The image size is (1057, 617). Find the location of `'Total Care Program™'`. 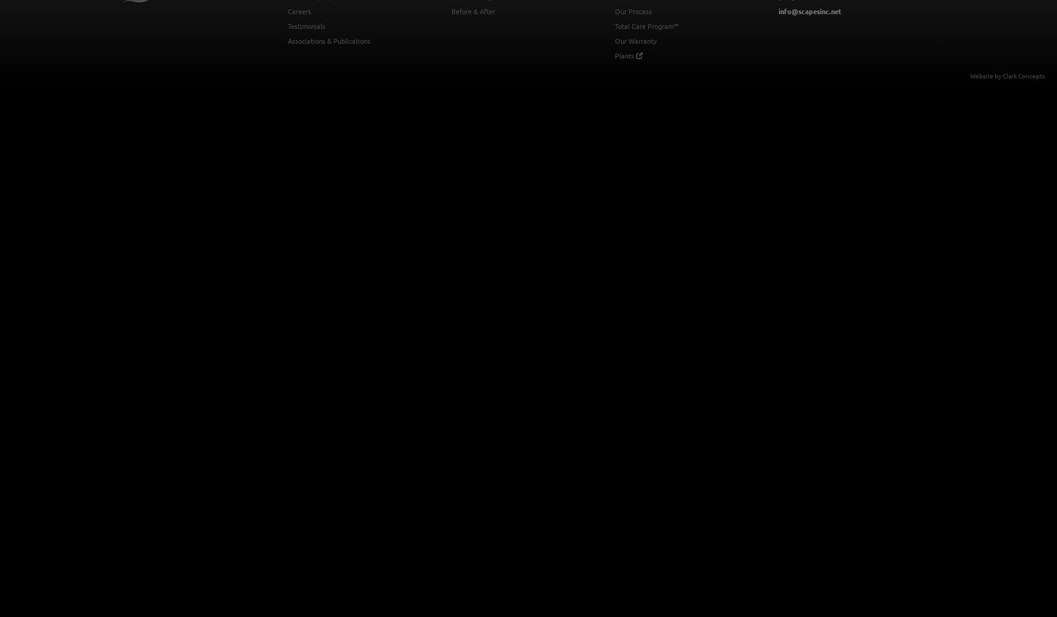

'Total Care Program™' is located at coordinates (646, 26).